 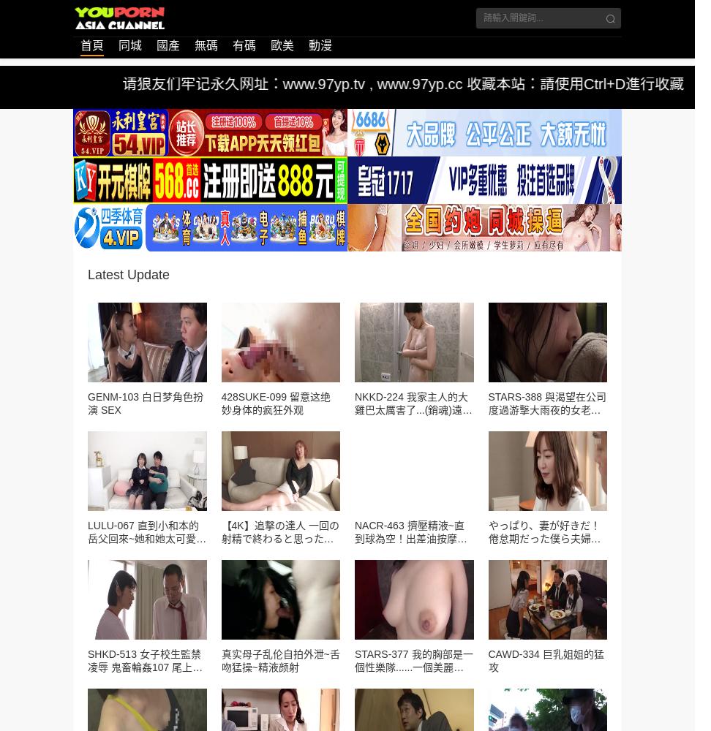 What do you see at coordinates (174, 227) in the screenshot?
I see `'浏览:'` at bounding box center [174, 227].